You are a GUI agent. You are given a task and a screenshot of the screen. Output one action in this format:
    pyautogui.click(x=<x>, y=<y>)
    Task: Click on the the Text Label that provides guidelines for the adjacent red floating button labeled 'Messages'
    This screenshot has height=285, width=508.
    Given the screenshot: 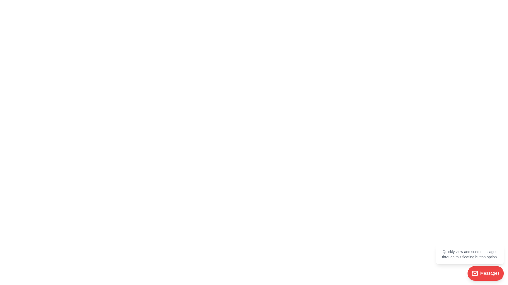 What is the action you would take?
    pyautogui.click(x=470, y=254)
    